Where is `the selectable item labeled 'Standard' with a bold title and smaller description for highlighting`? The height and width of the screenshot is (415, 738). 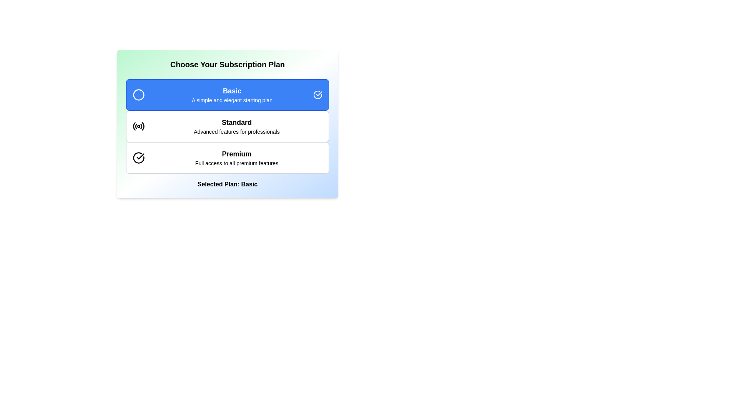 the selectable item labeled 'Standard' with a bold title and smaller description for highlighting is located at coordinates (227, 126).